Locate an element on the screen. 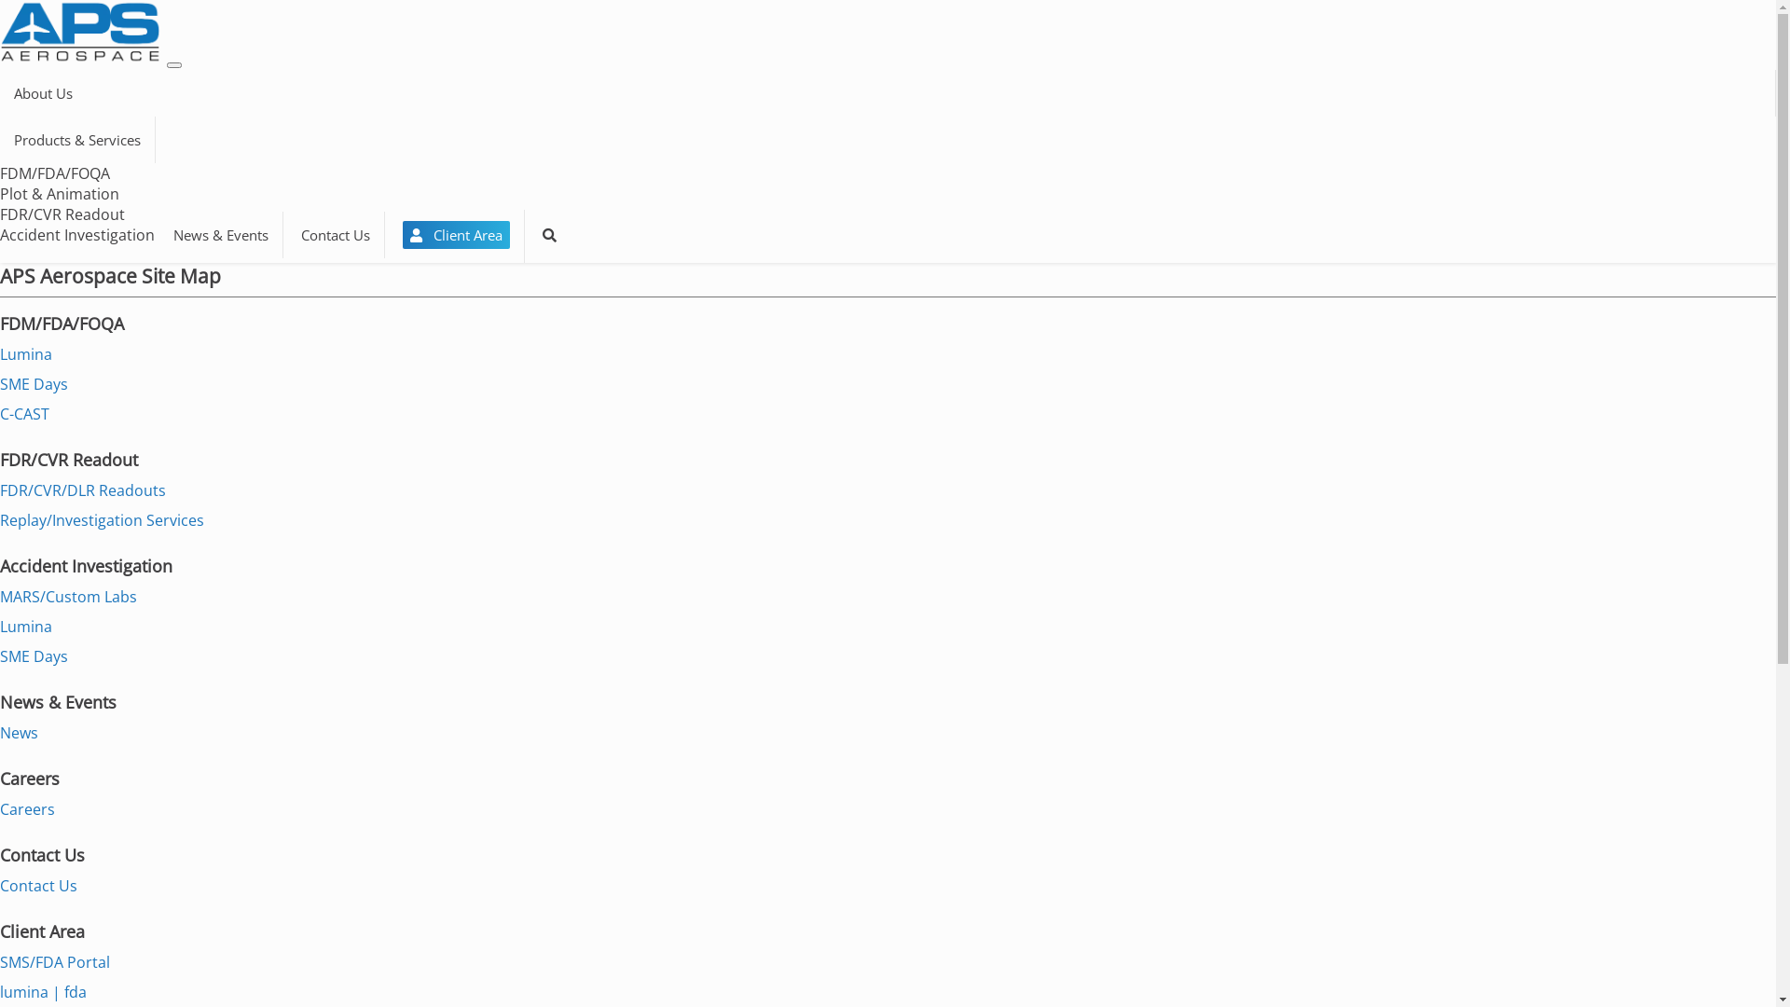 Image resolution: width=1790 pixels, height=1007 pixels. 'SMS/FDA Portal' is located at coordinates (54, 962).